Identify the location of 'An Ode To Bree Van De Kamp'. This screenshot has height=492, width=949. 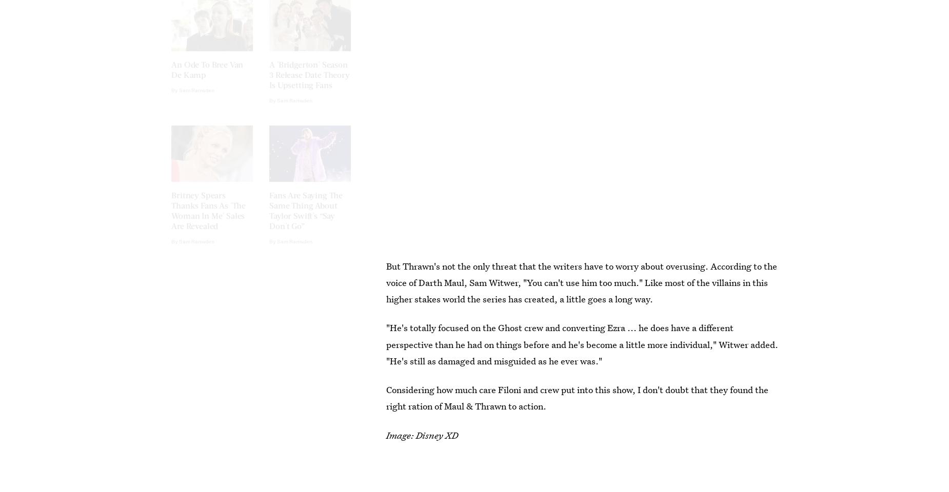
(207, 77).